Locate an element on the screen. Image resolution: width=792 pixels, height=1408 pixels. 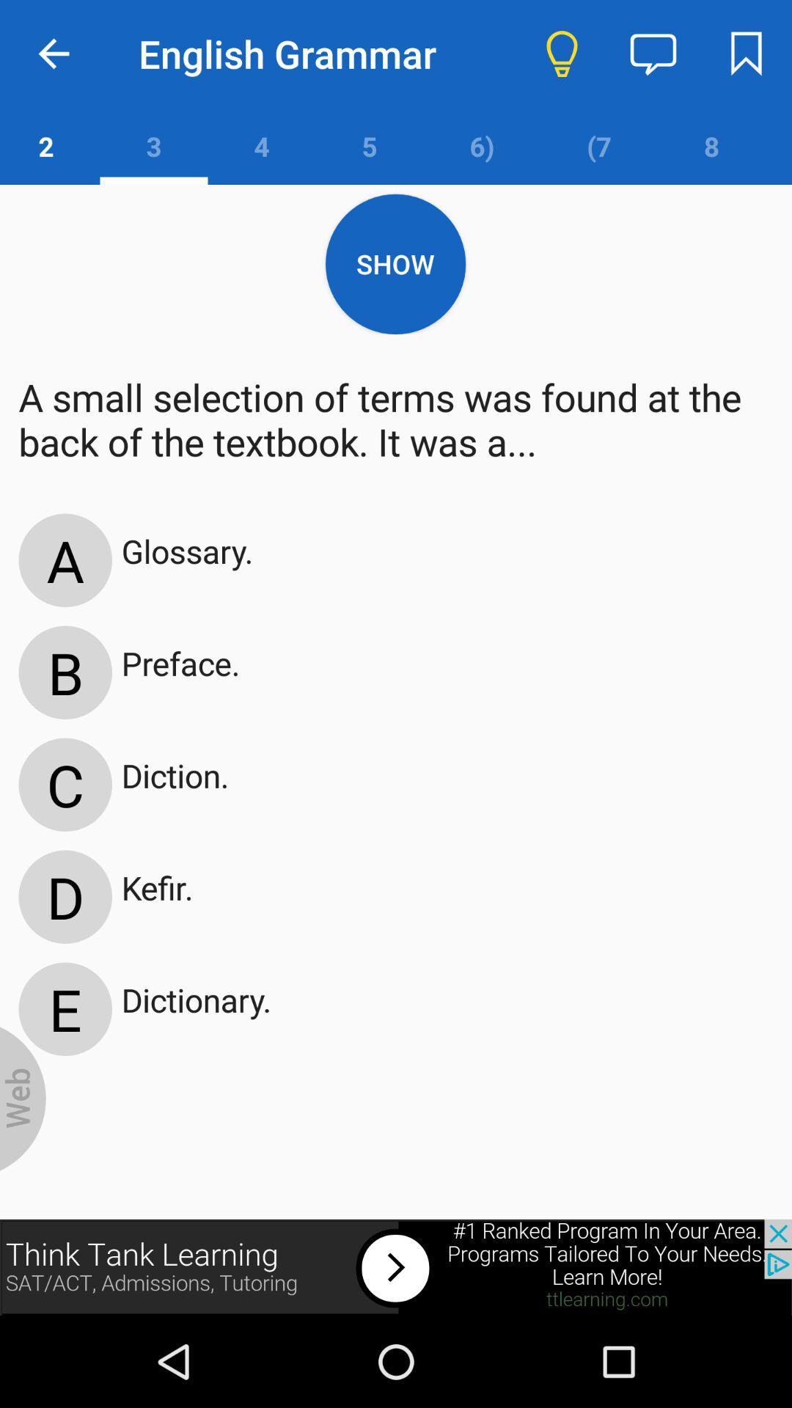
selected web option is located at coordinates (23, 1099).